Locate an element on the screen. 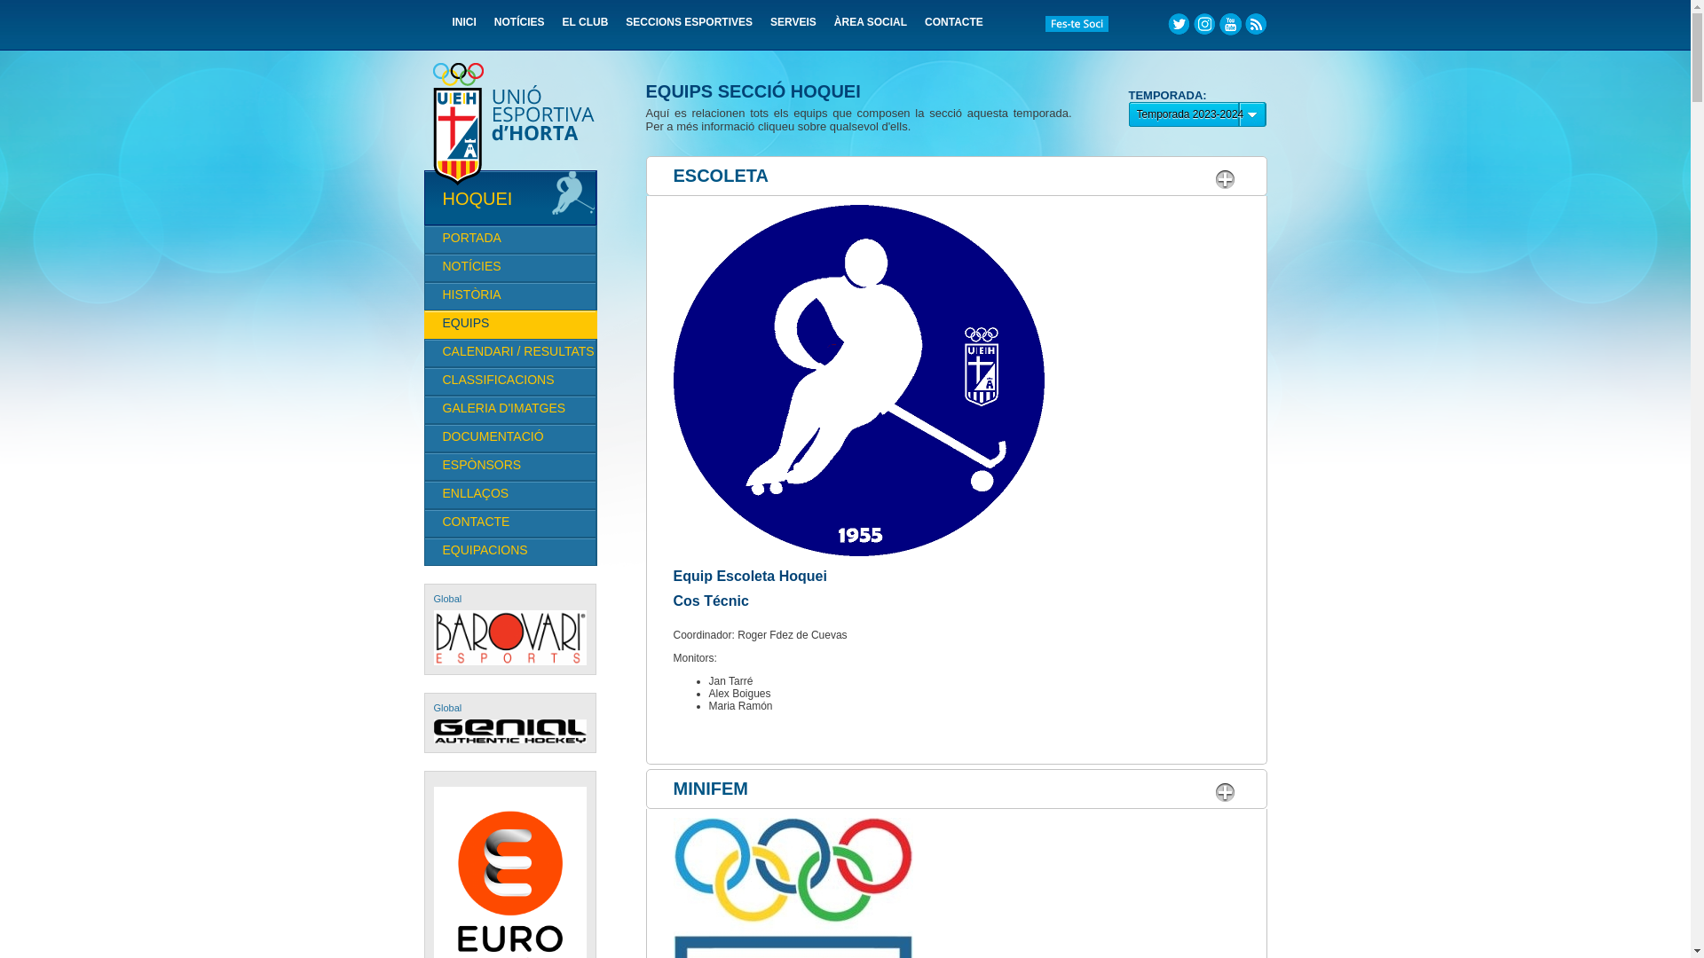  'CONTACTE' is located at coordinates (923, 27).